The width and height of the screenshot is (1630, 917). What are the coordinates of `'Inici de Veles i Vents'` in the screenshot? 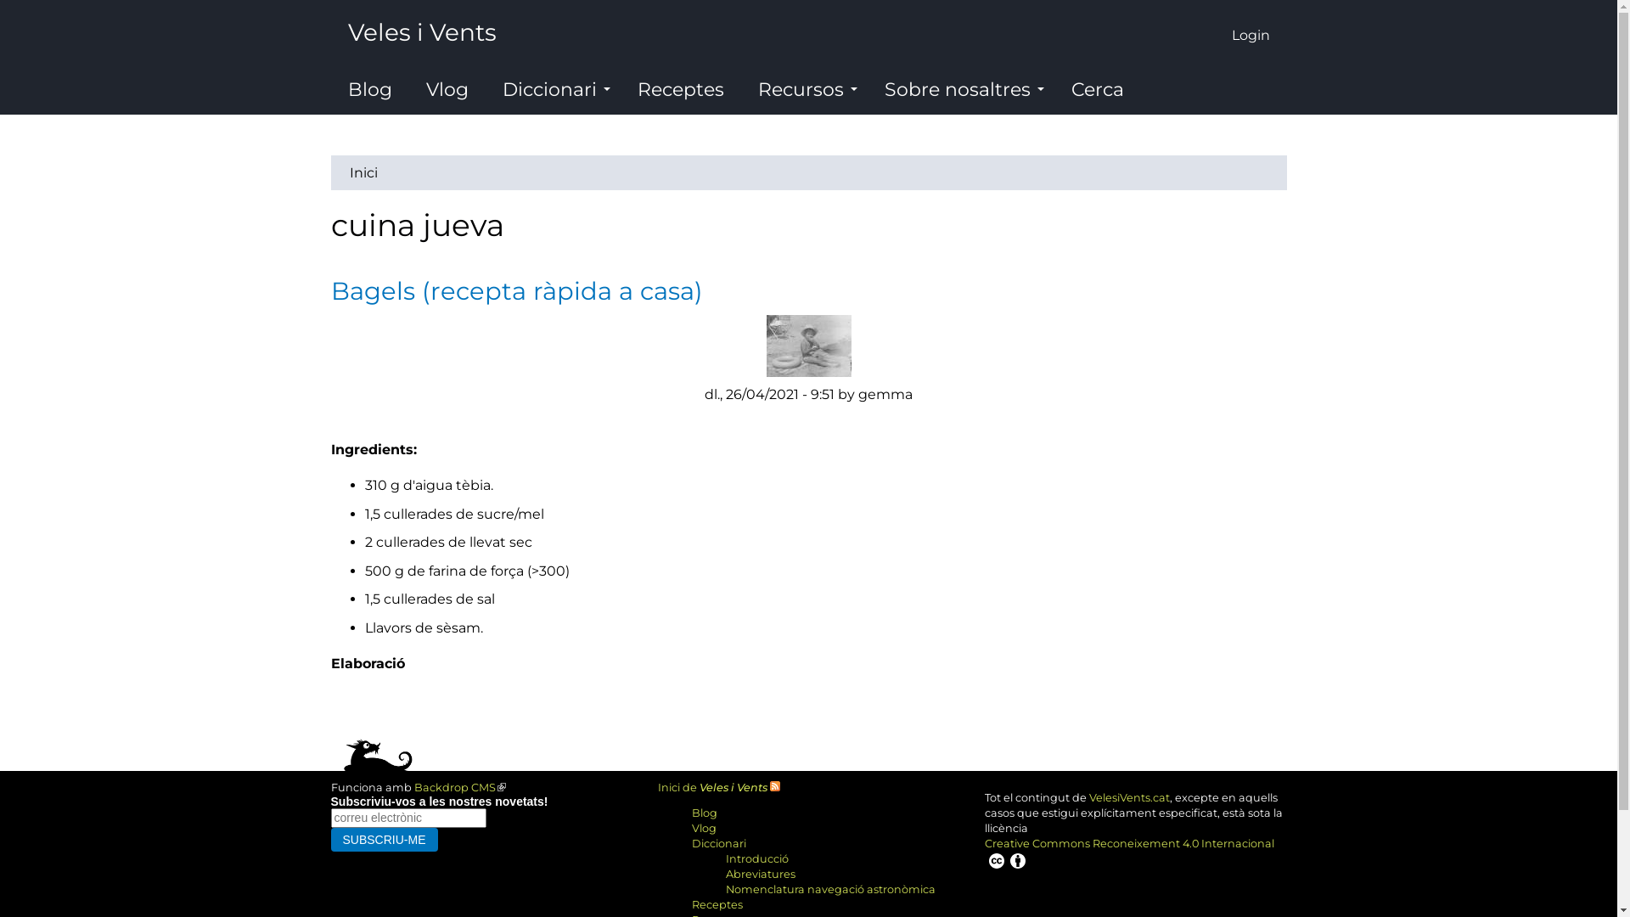 It's located at (712, 787).